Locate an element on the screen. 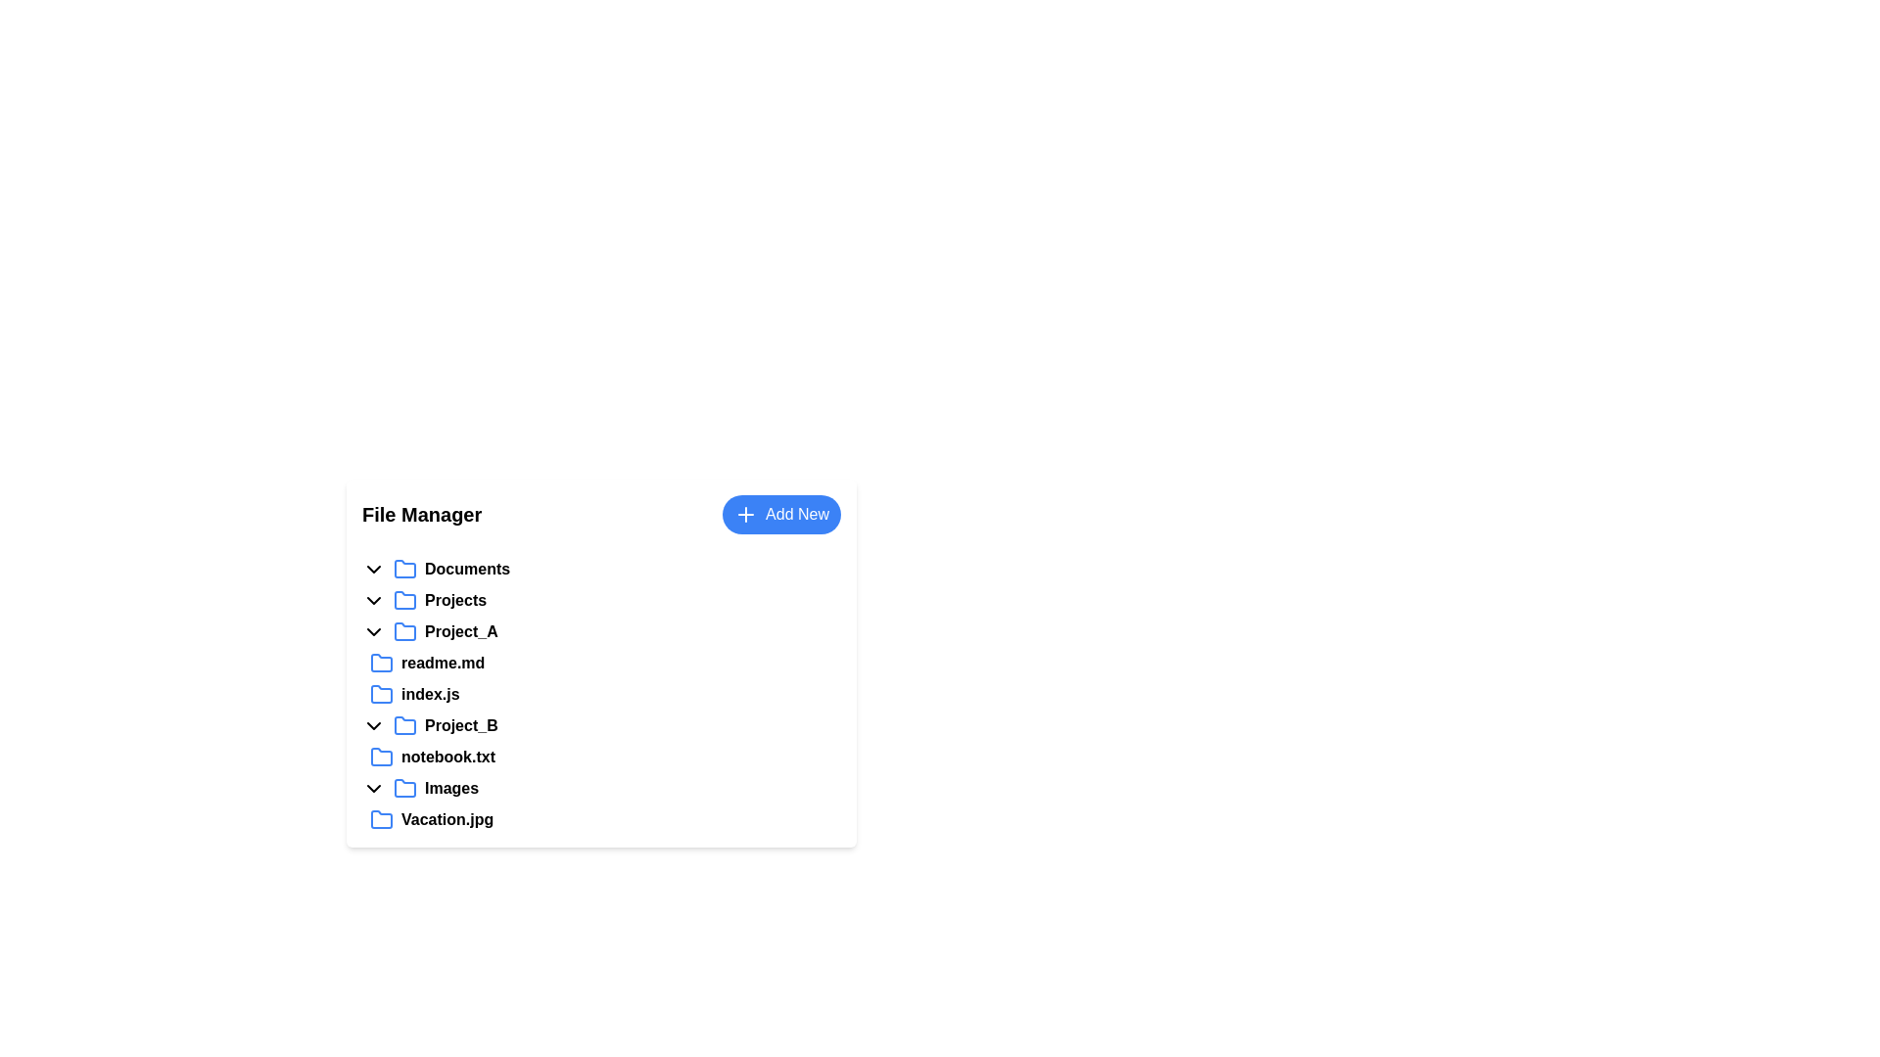 The width and height of the screenshot is (1880, 1057). the folder icon representing the 'Images' directory in the left panel under 'File Manager' is located at coordinates (403, 788).